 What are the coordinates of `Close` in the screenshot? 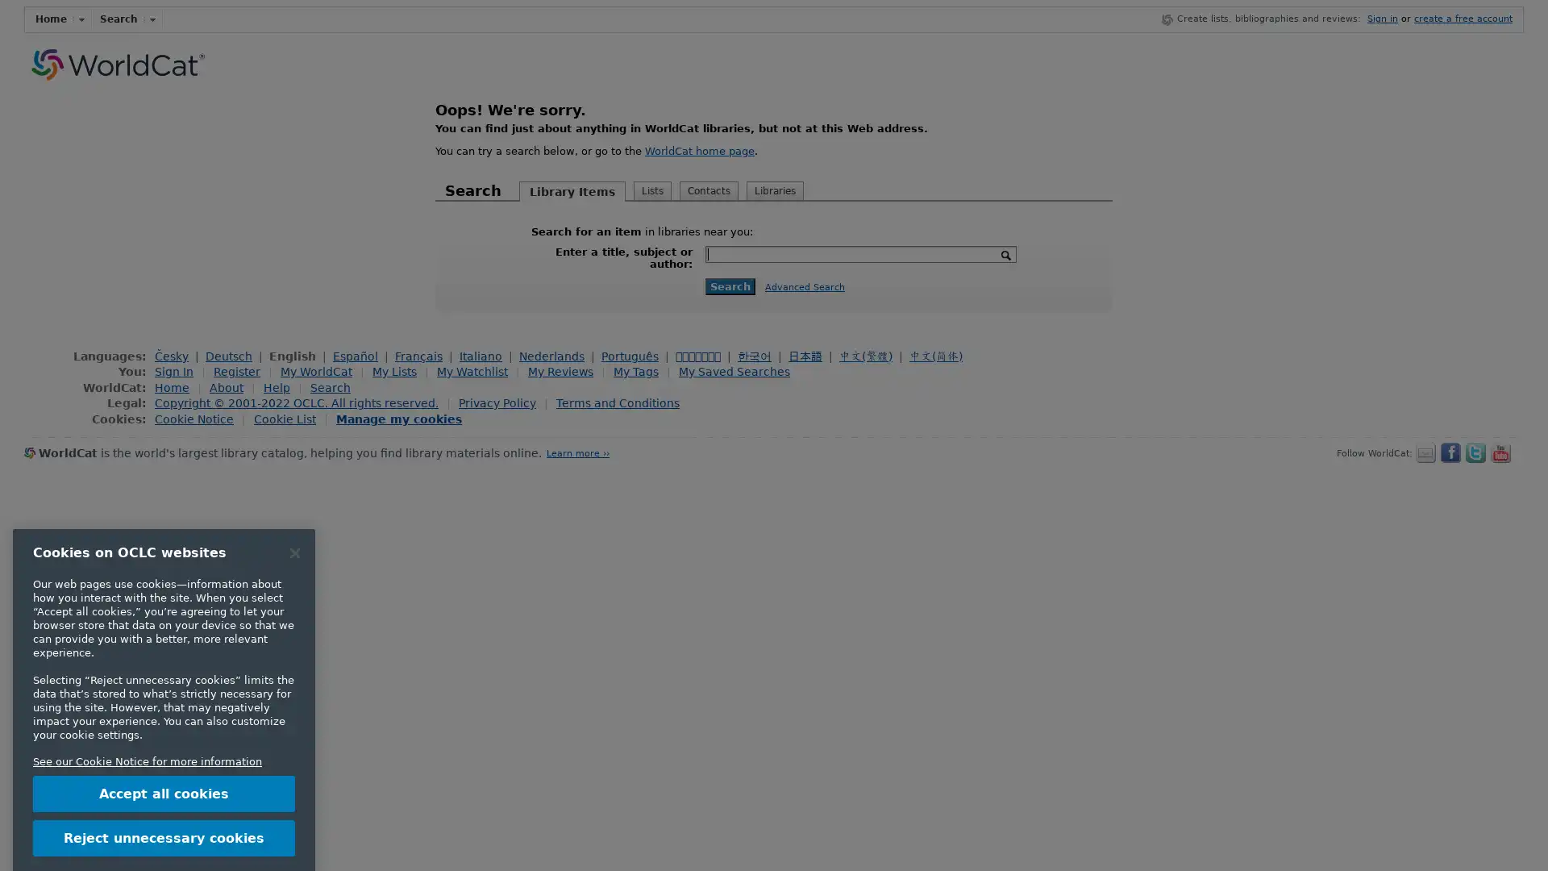 It's located at (294, 481).